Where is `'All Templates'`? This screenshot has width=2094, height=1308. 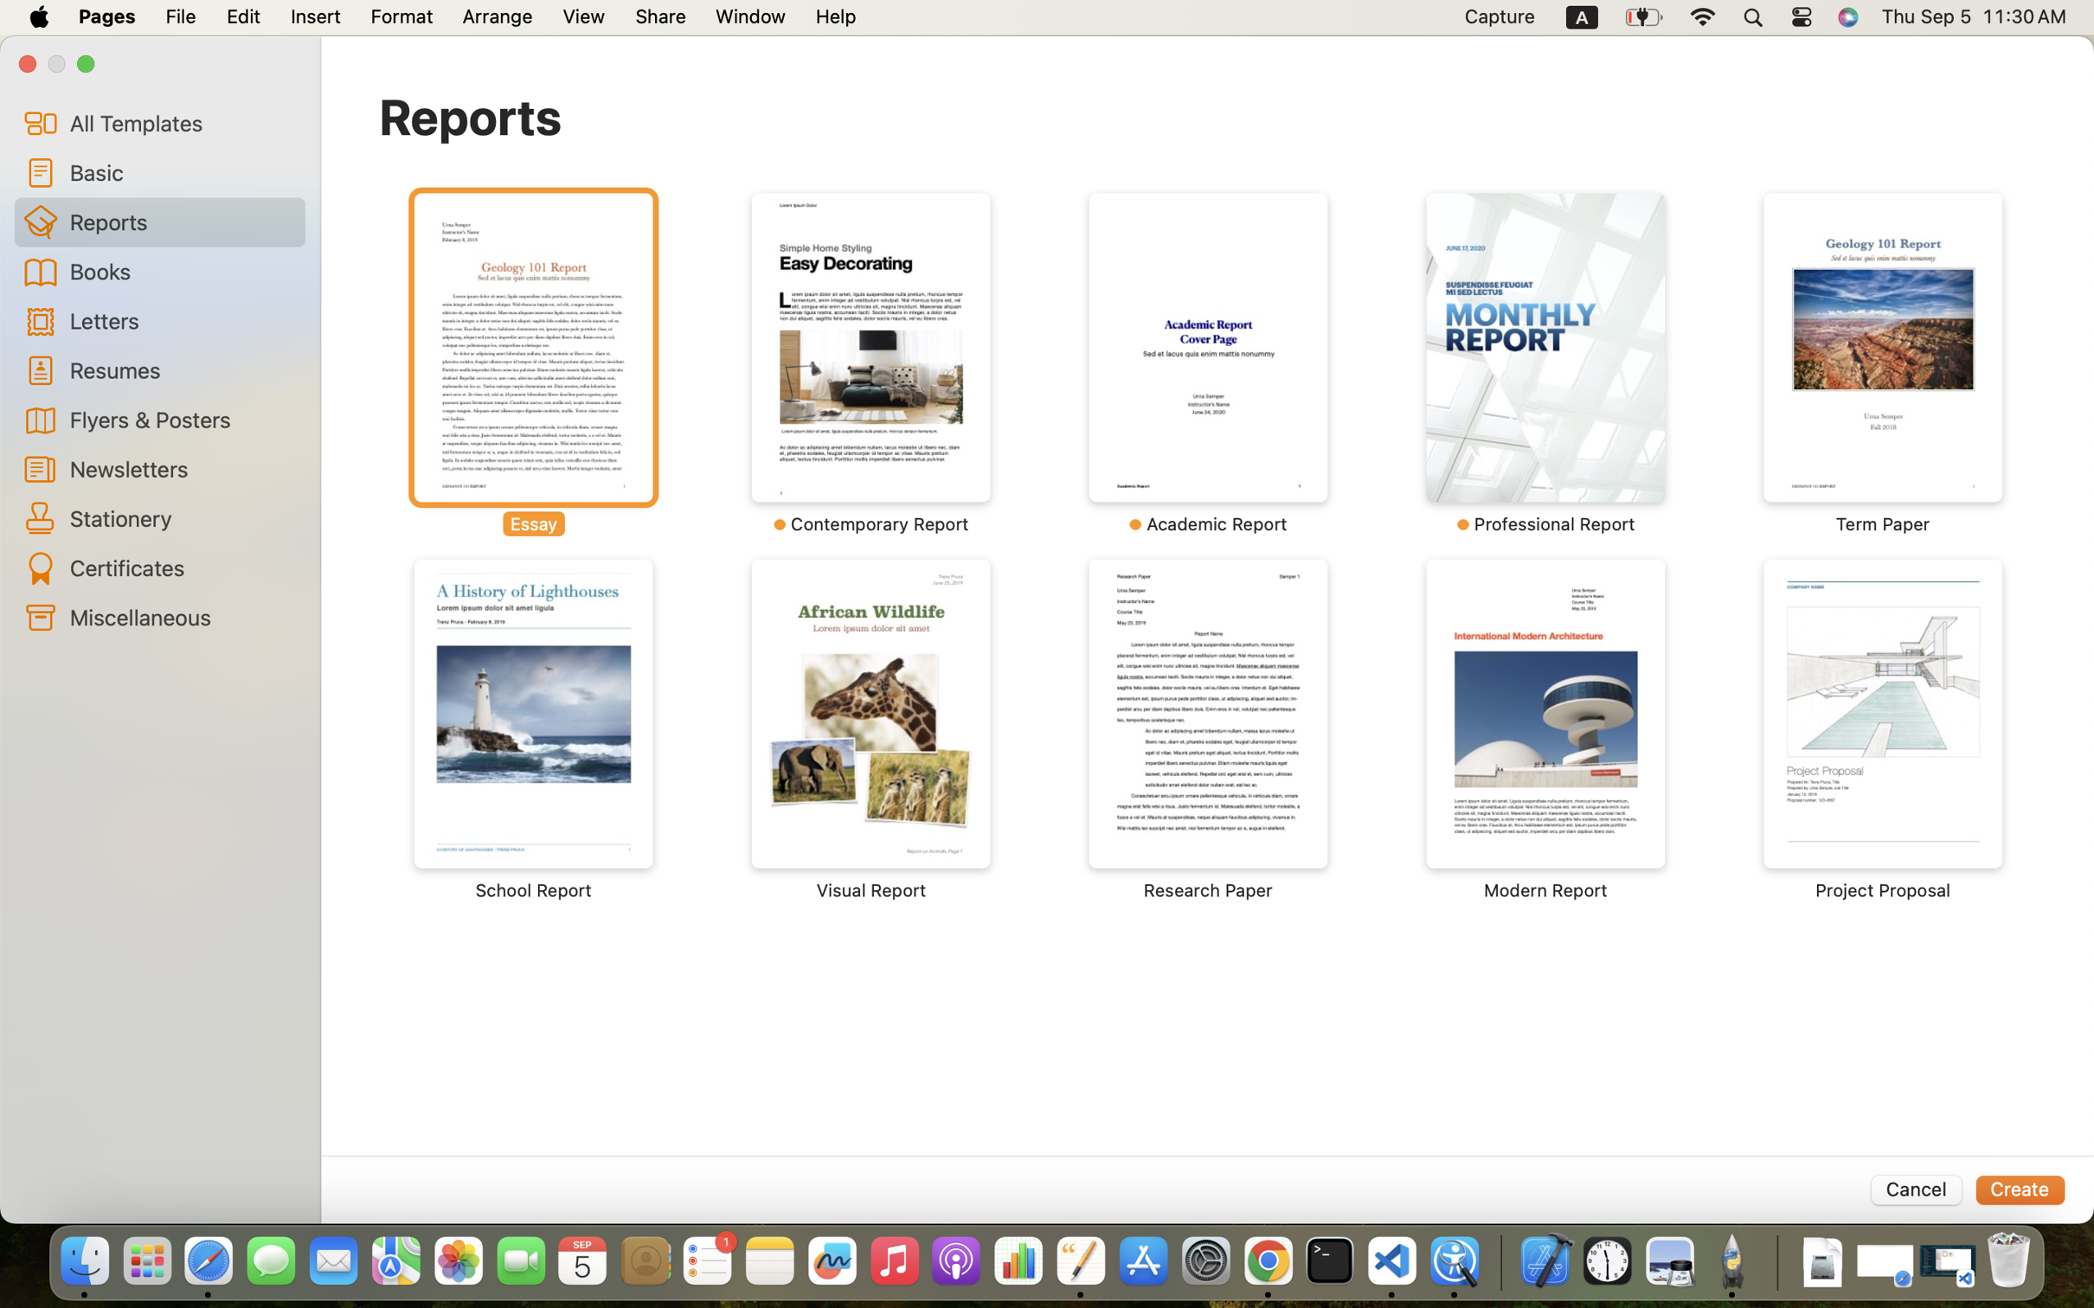 'All Templates' is located at coordinates (180, 122).